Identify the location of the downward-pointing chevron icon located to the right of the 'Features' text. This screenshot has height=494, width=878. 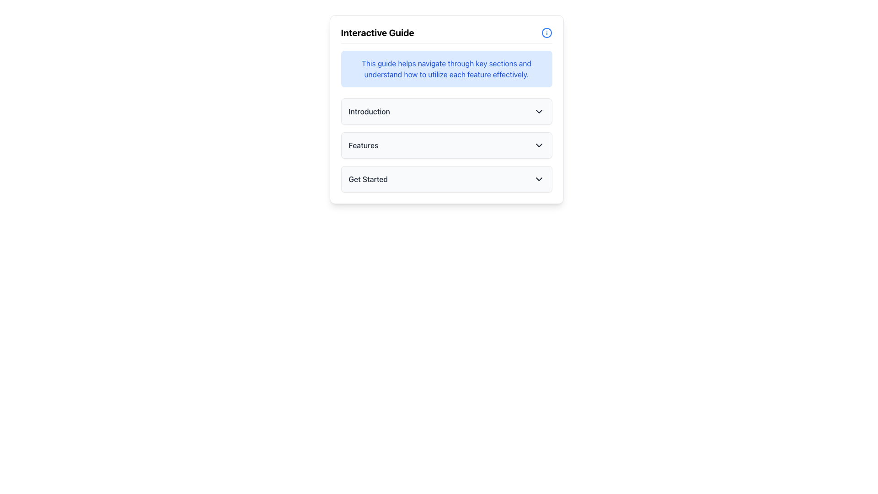
(539, 145).